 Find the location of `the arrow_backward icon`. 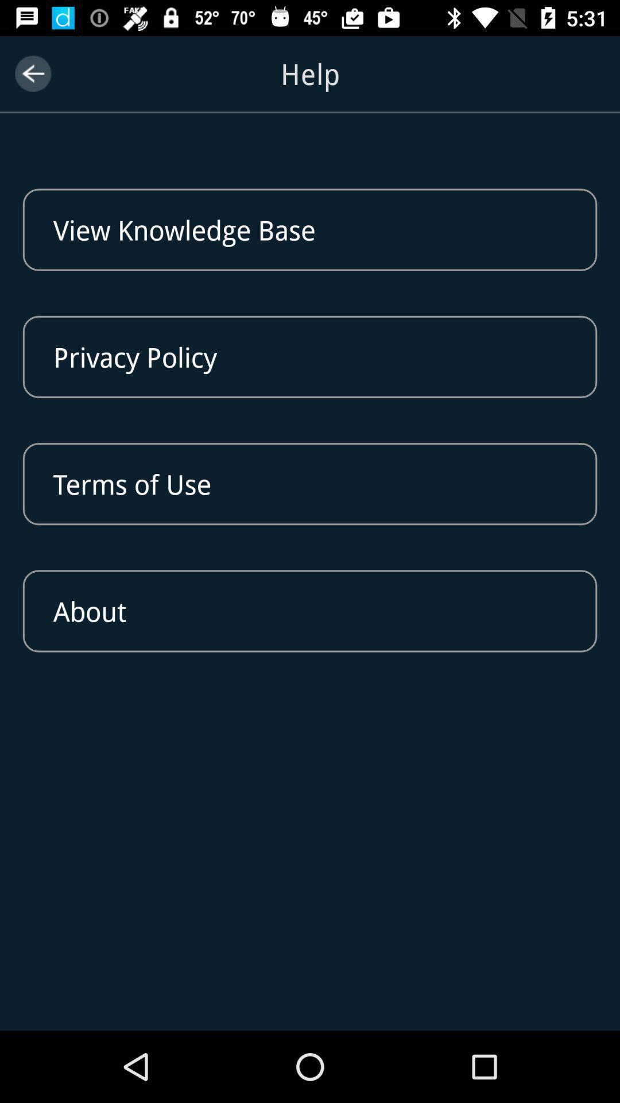

the arrow_backward icon is located at coordinates (32, 73).